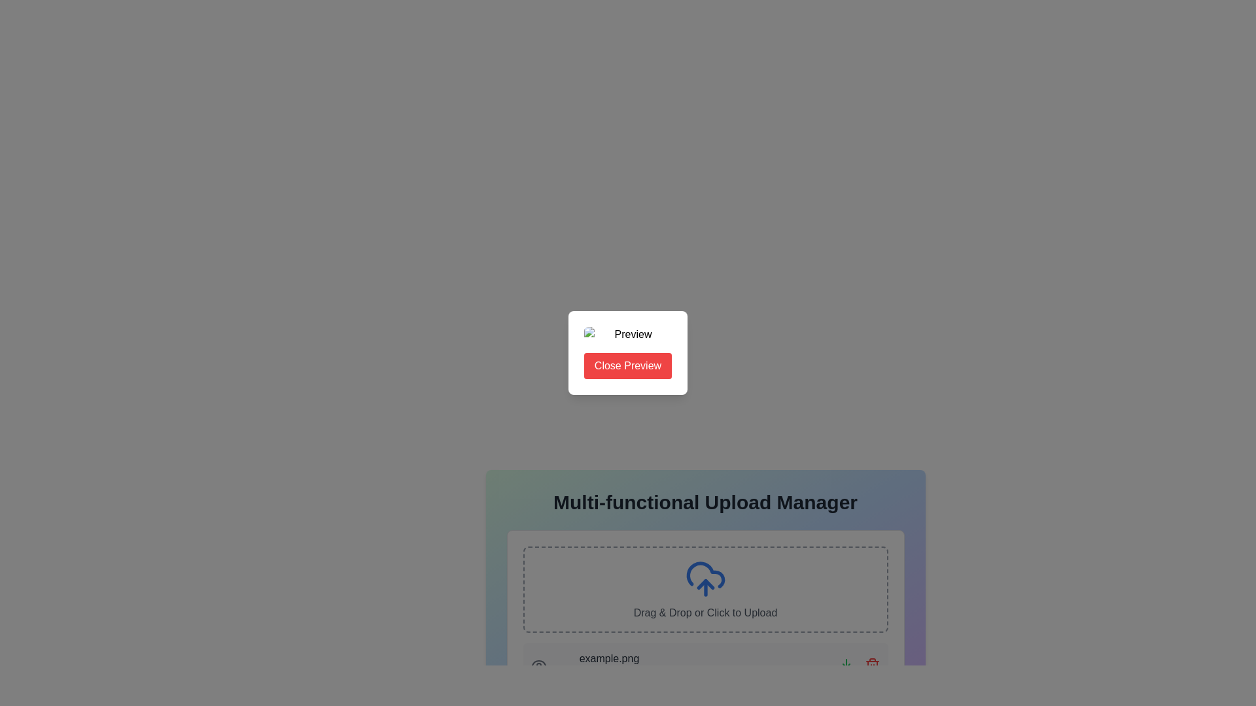 The image size is (1256, 706). I want to click on the red 'Close Preview' button with white text, so click(628, 353).